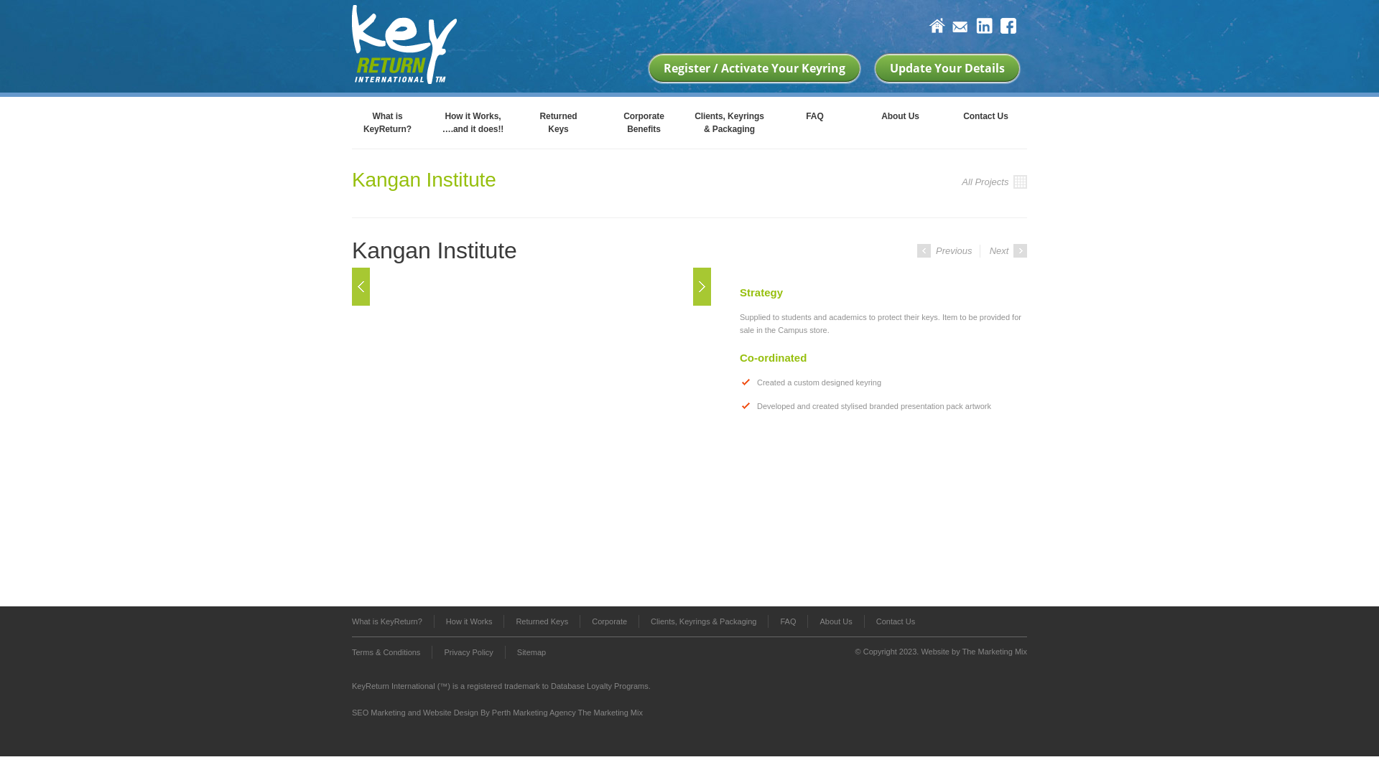  Describe the element at coordinates (692, 286) in the screenshot. I see `'Next'` at that location.